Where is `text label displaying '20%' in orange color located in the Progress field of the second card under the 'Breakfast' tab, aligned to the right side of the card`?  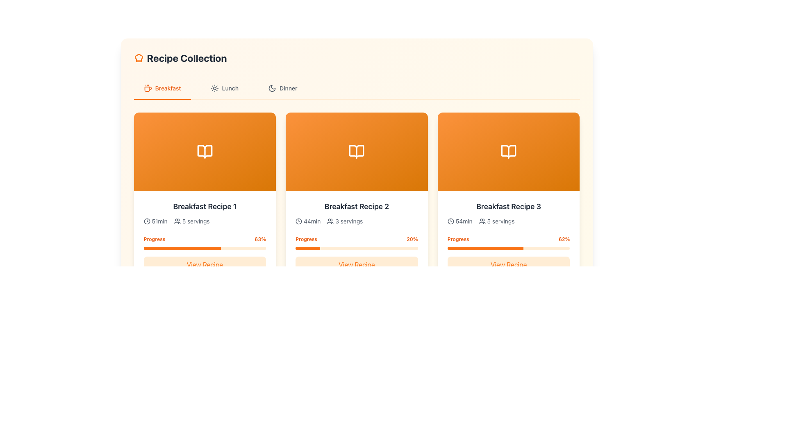
text label displaying '20%' in orange color located in the Progress field of the second card under the 'Breakfast' tab, aligned to the right side of the card is located at coordinates (412, 238).